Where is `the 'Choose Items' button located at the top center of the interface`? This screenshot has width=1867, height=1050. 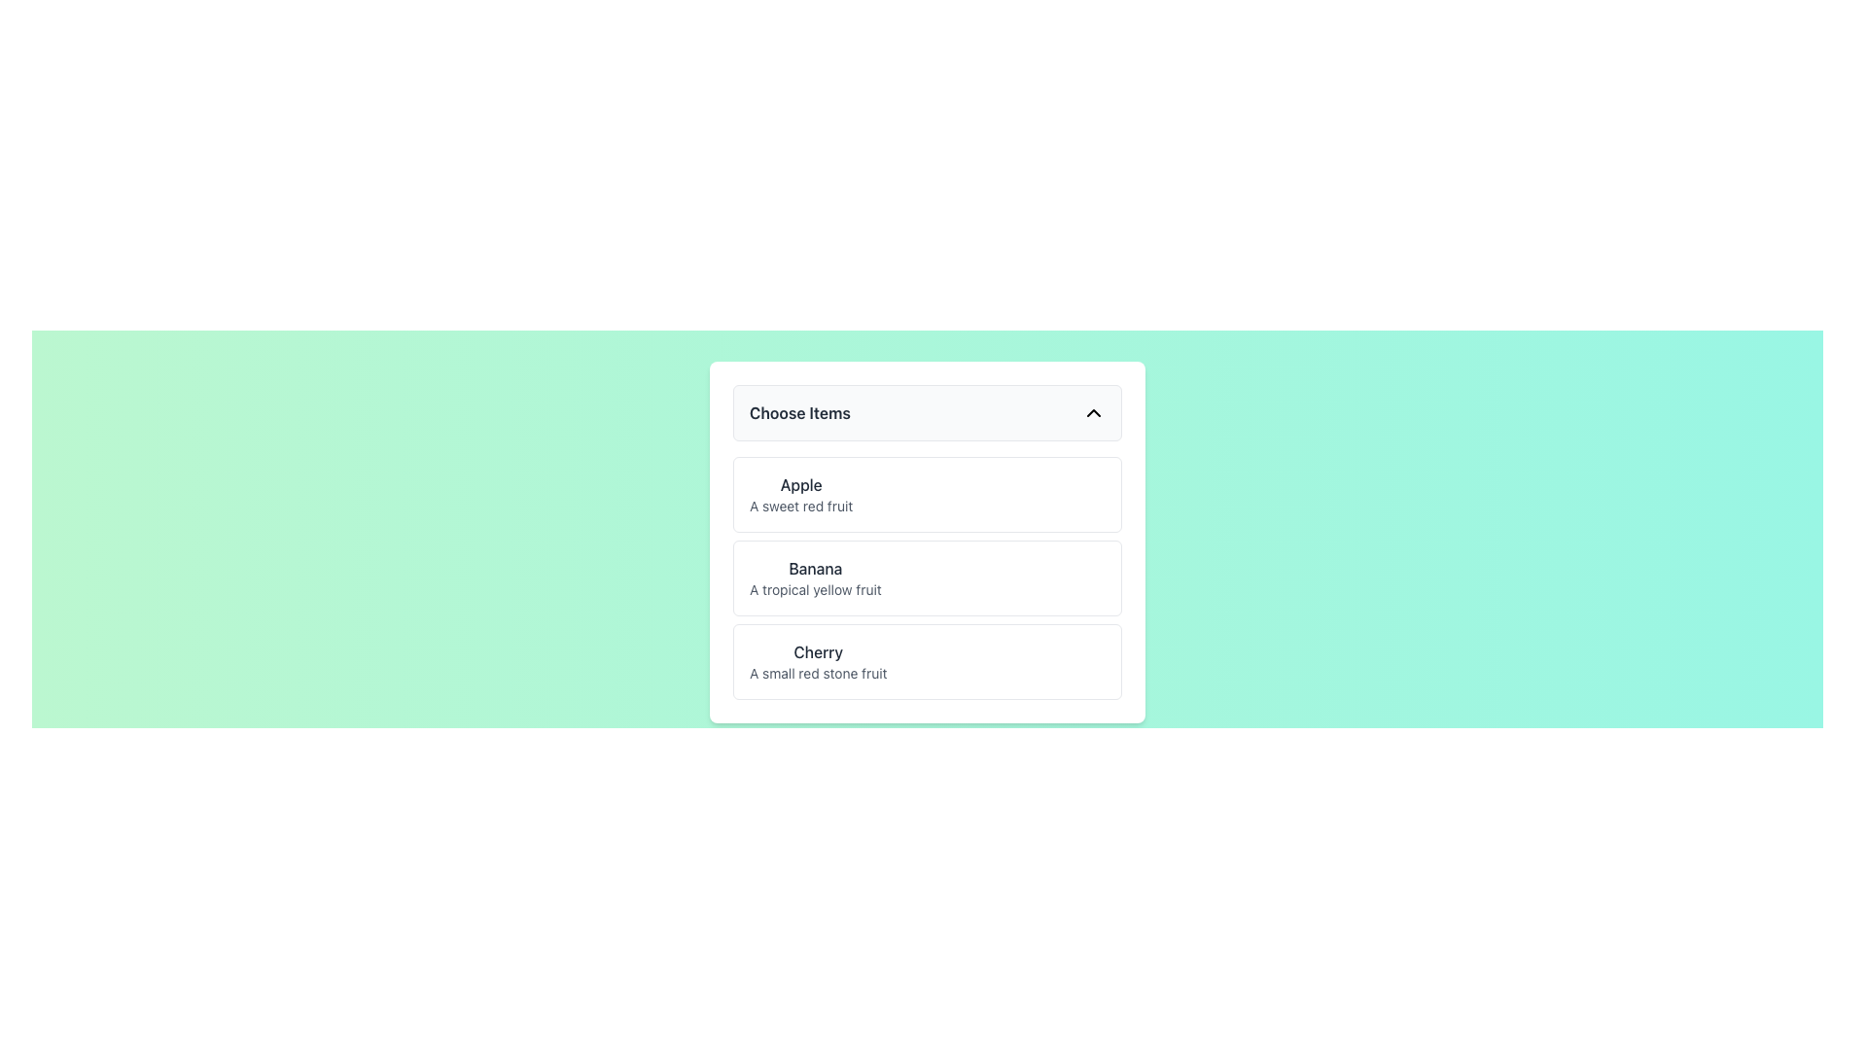
the 'Choose Items' button located at the top center of the interface is located at coordinates (927, 411).